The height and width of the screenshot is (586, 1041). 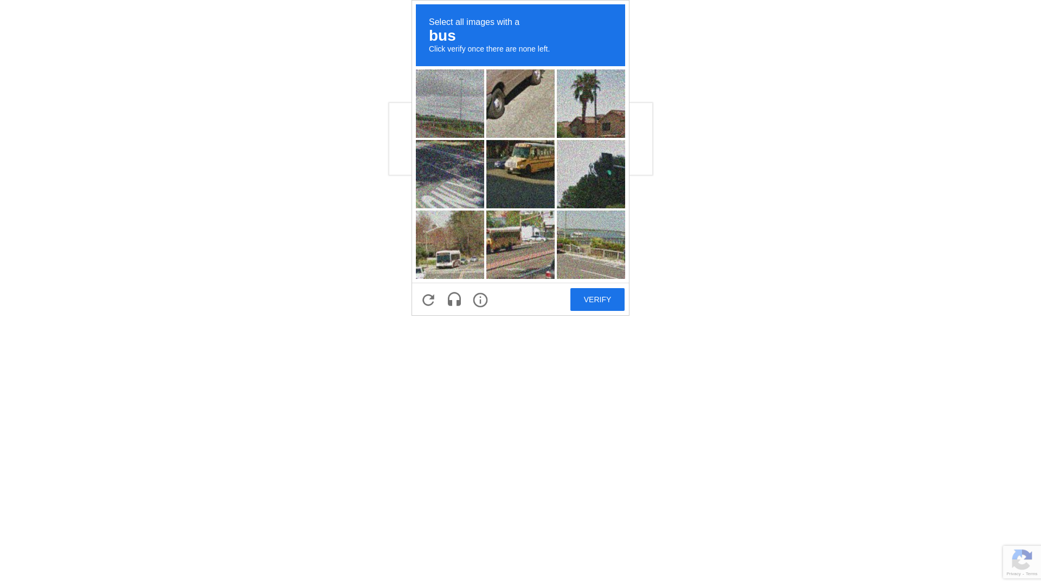 What do you see at coordinates (520, 157) in the screenshot?
I see `'recaptcha challenge expires in two minutes'` at bounding box center [520, 157].